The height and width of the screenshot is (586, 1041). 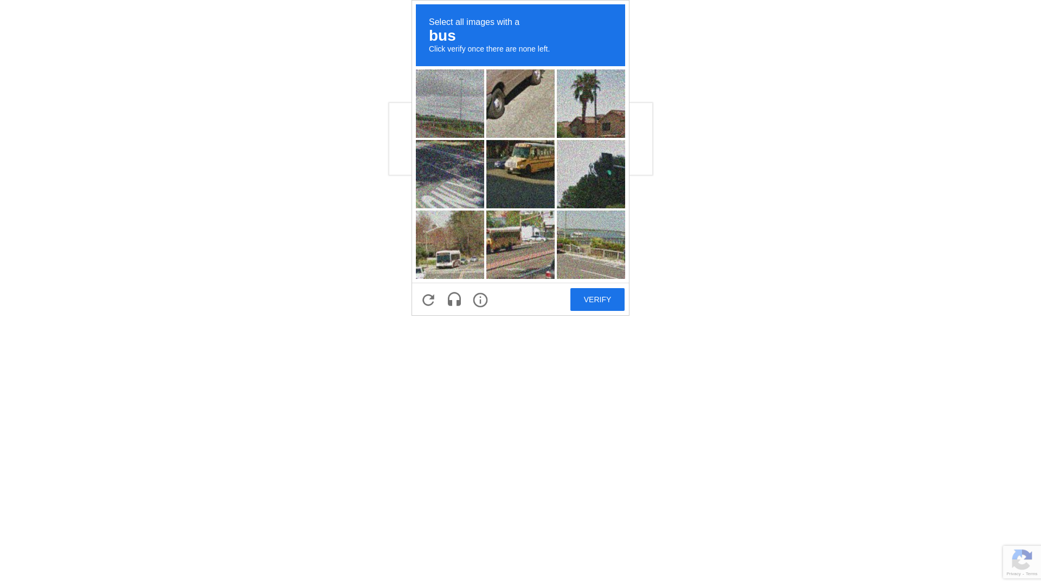 What do you see at coordinates (520, 157) in the screenshot?
I see `'recaptcha challenge expires in two minutes'` at bounding box center [520, 157].